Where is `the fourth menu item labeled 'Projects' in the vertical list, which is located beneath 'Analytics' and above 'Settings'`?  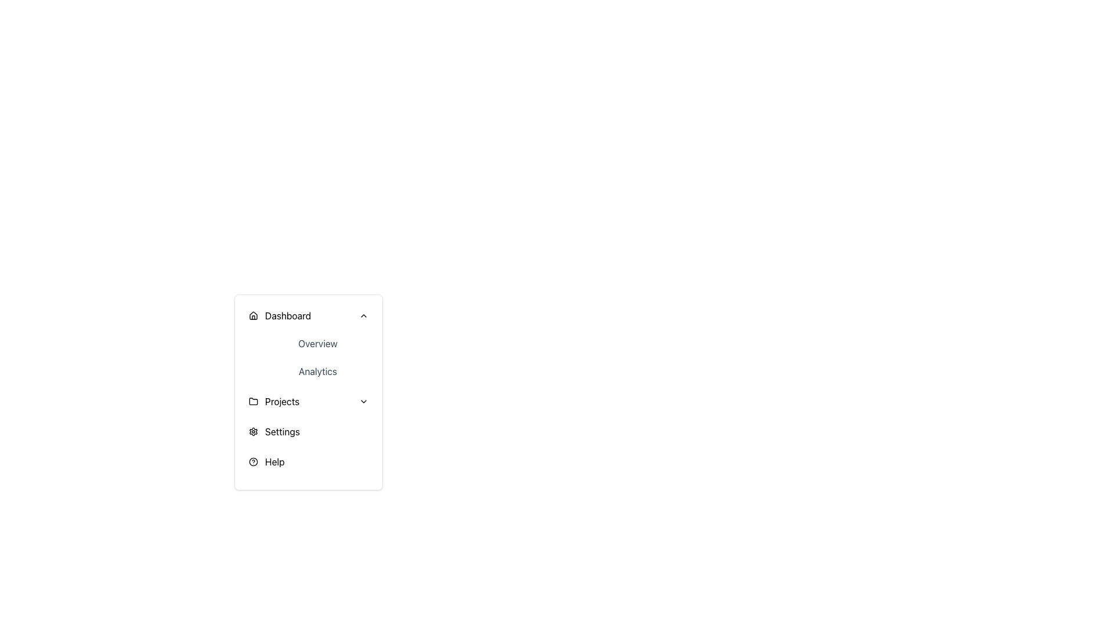 the fourth menu item labeled 'Projects' in the vertical list, which is located beneath 'Analytics' and above 'Settings' is located at coordinates (309, 401).